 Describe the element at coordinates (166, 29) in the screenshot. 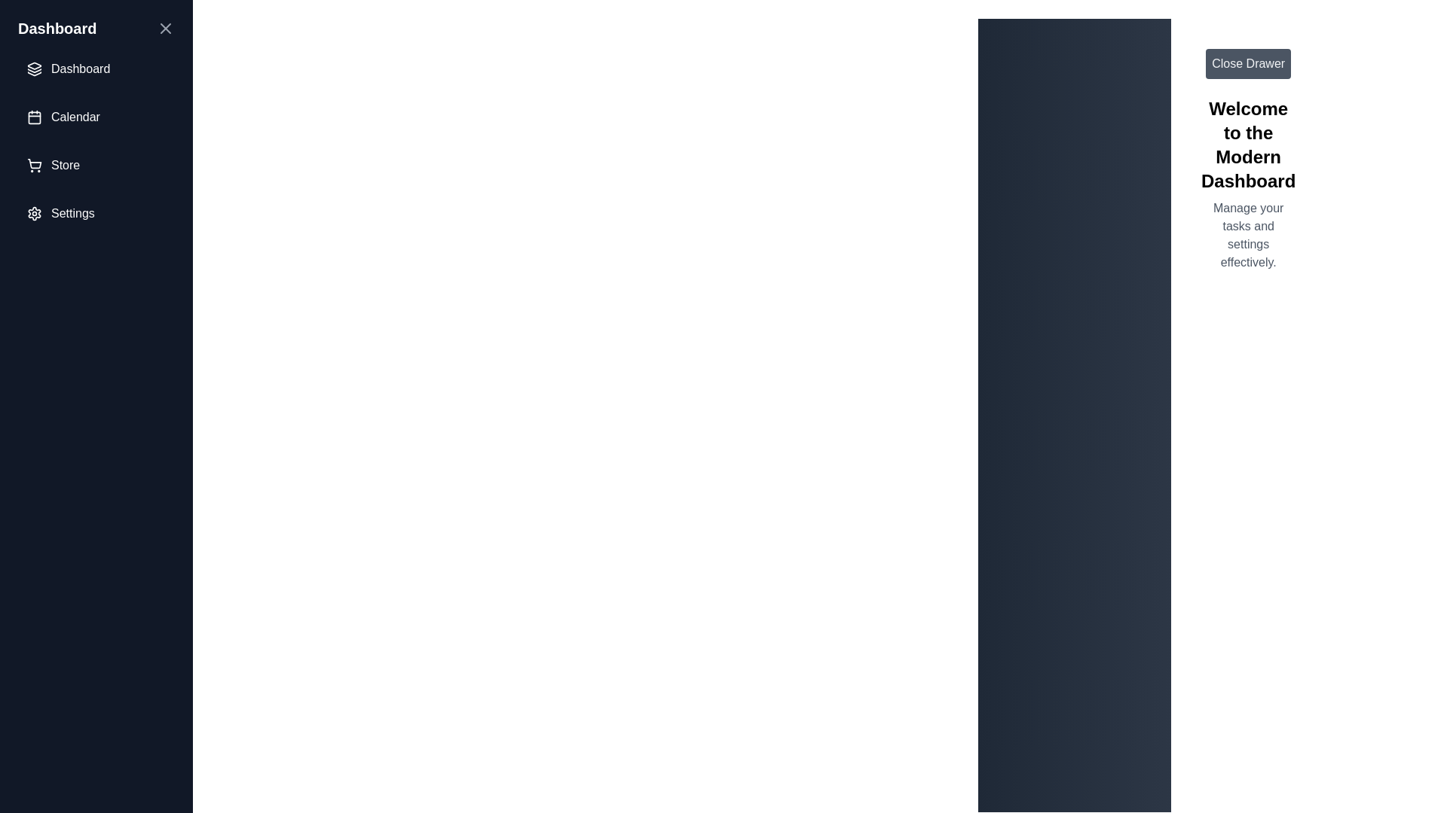

I see `the header close button to close the drawer` at that location.